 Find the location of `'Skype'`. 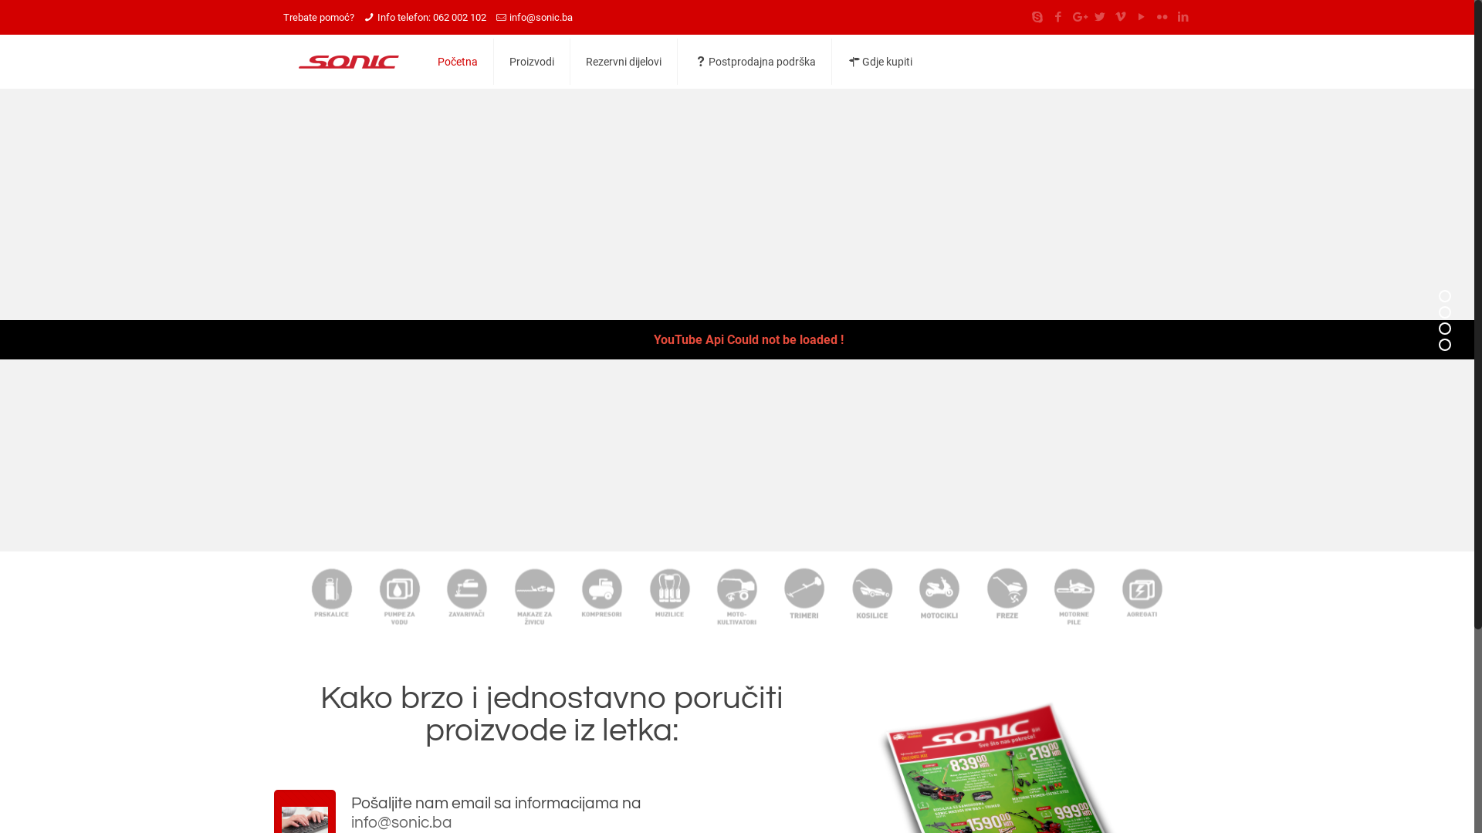

'Skype' is located at coordinates (1037, 17).